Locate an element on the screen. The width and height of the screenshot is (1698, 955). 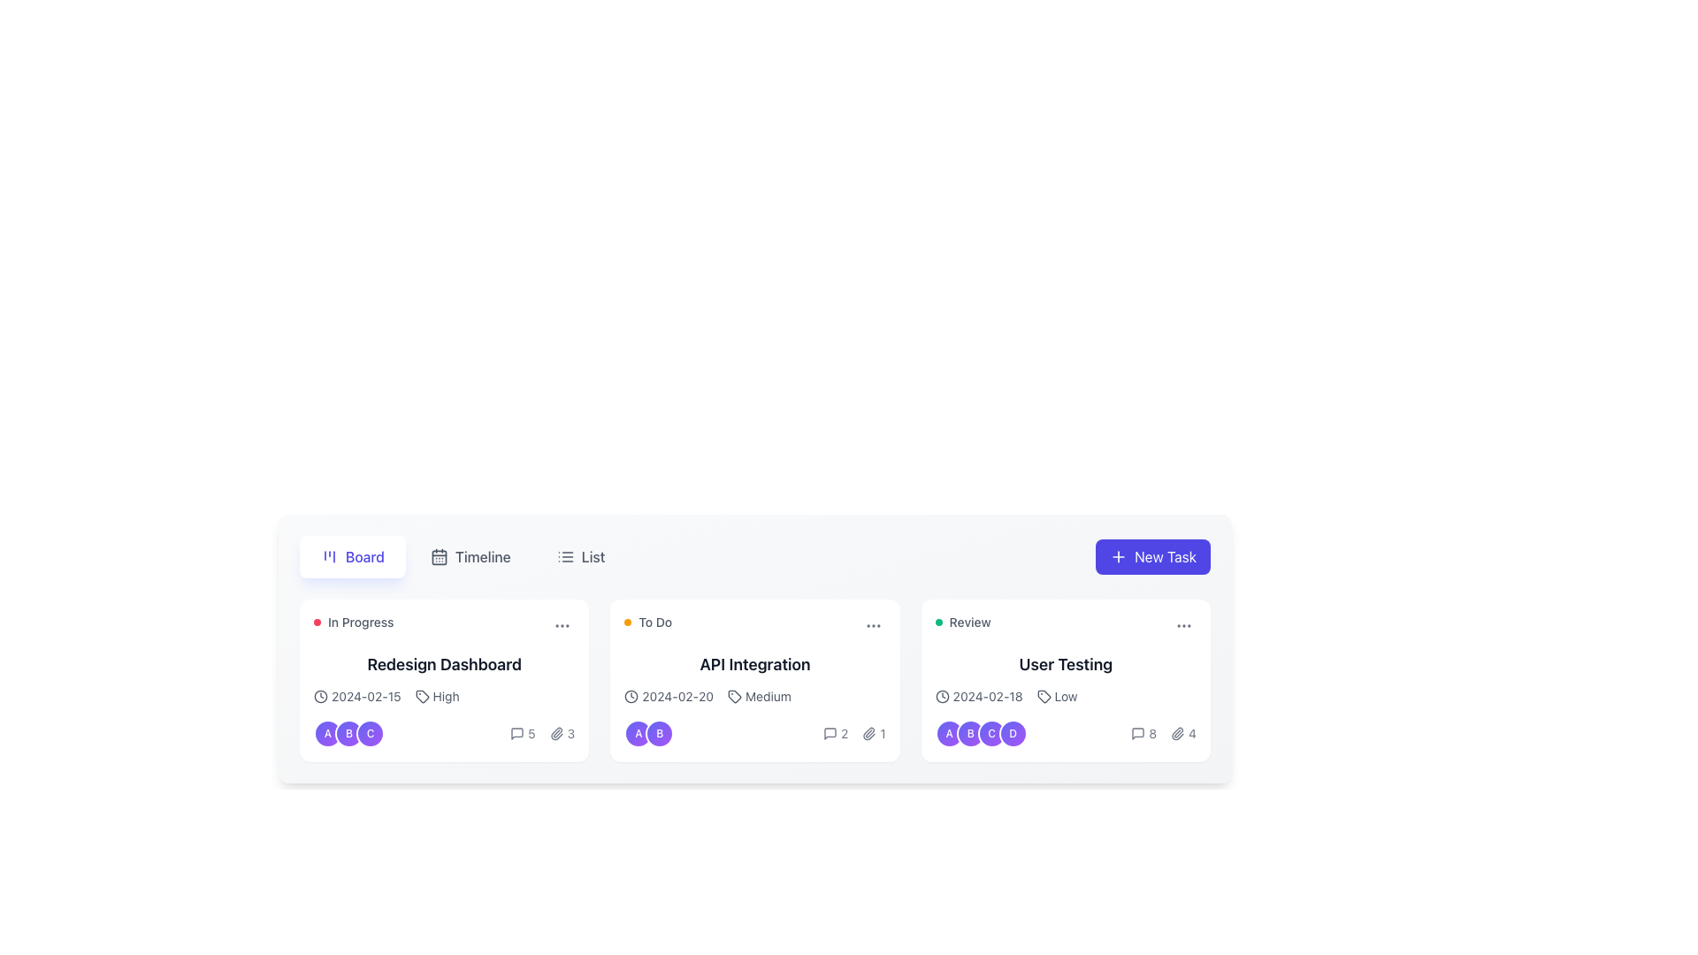
the Avatar group icons arranged horizontally, each containing characters A, B, C, and D is located at coordinates (980, 733).